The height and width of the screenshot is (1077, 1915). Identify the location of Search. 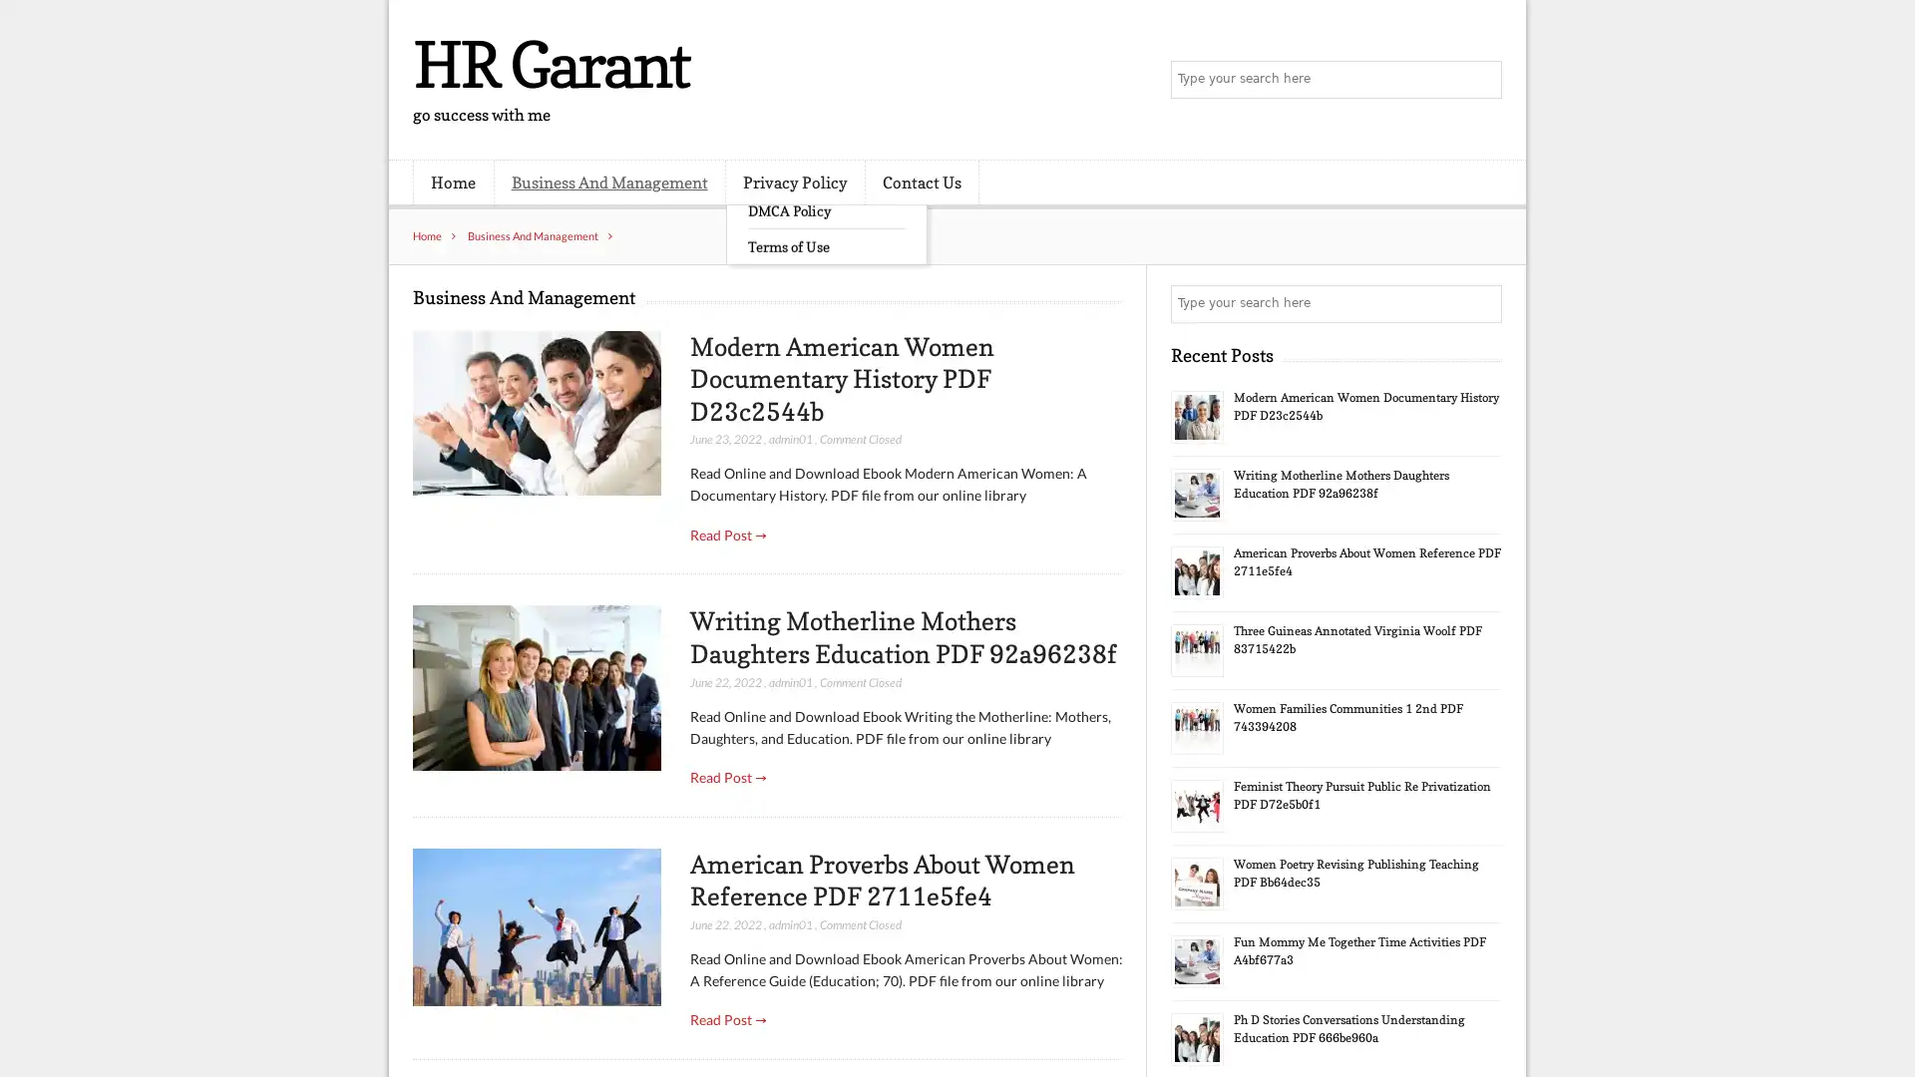
(1481, 303).